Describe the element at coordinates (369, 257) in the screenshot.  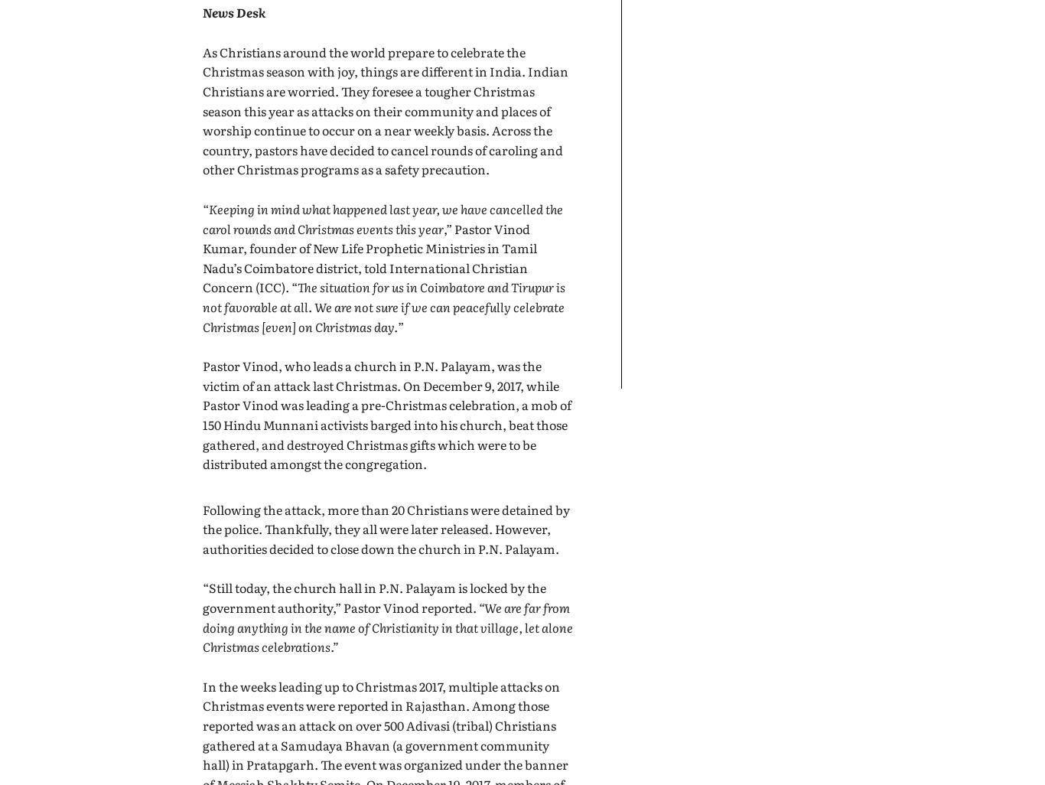
I see `',” Pastor Vinod Kumar, founder of New Life Prophetic Ministries in Tamil Nadu’s Coimbatore district, told International Christian Concern (ICC). “'` at that location.